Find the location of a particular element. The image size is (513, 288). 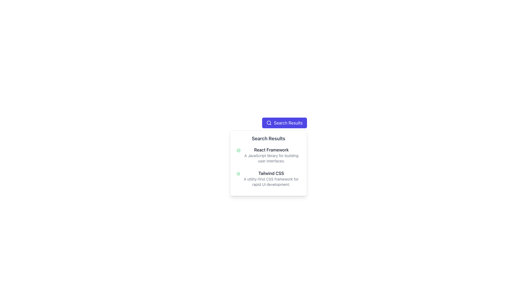

the search icon located in the top-left corner adjacent to the 'Search Results' text is located at coordinates (269, 123).